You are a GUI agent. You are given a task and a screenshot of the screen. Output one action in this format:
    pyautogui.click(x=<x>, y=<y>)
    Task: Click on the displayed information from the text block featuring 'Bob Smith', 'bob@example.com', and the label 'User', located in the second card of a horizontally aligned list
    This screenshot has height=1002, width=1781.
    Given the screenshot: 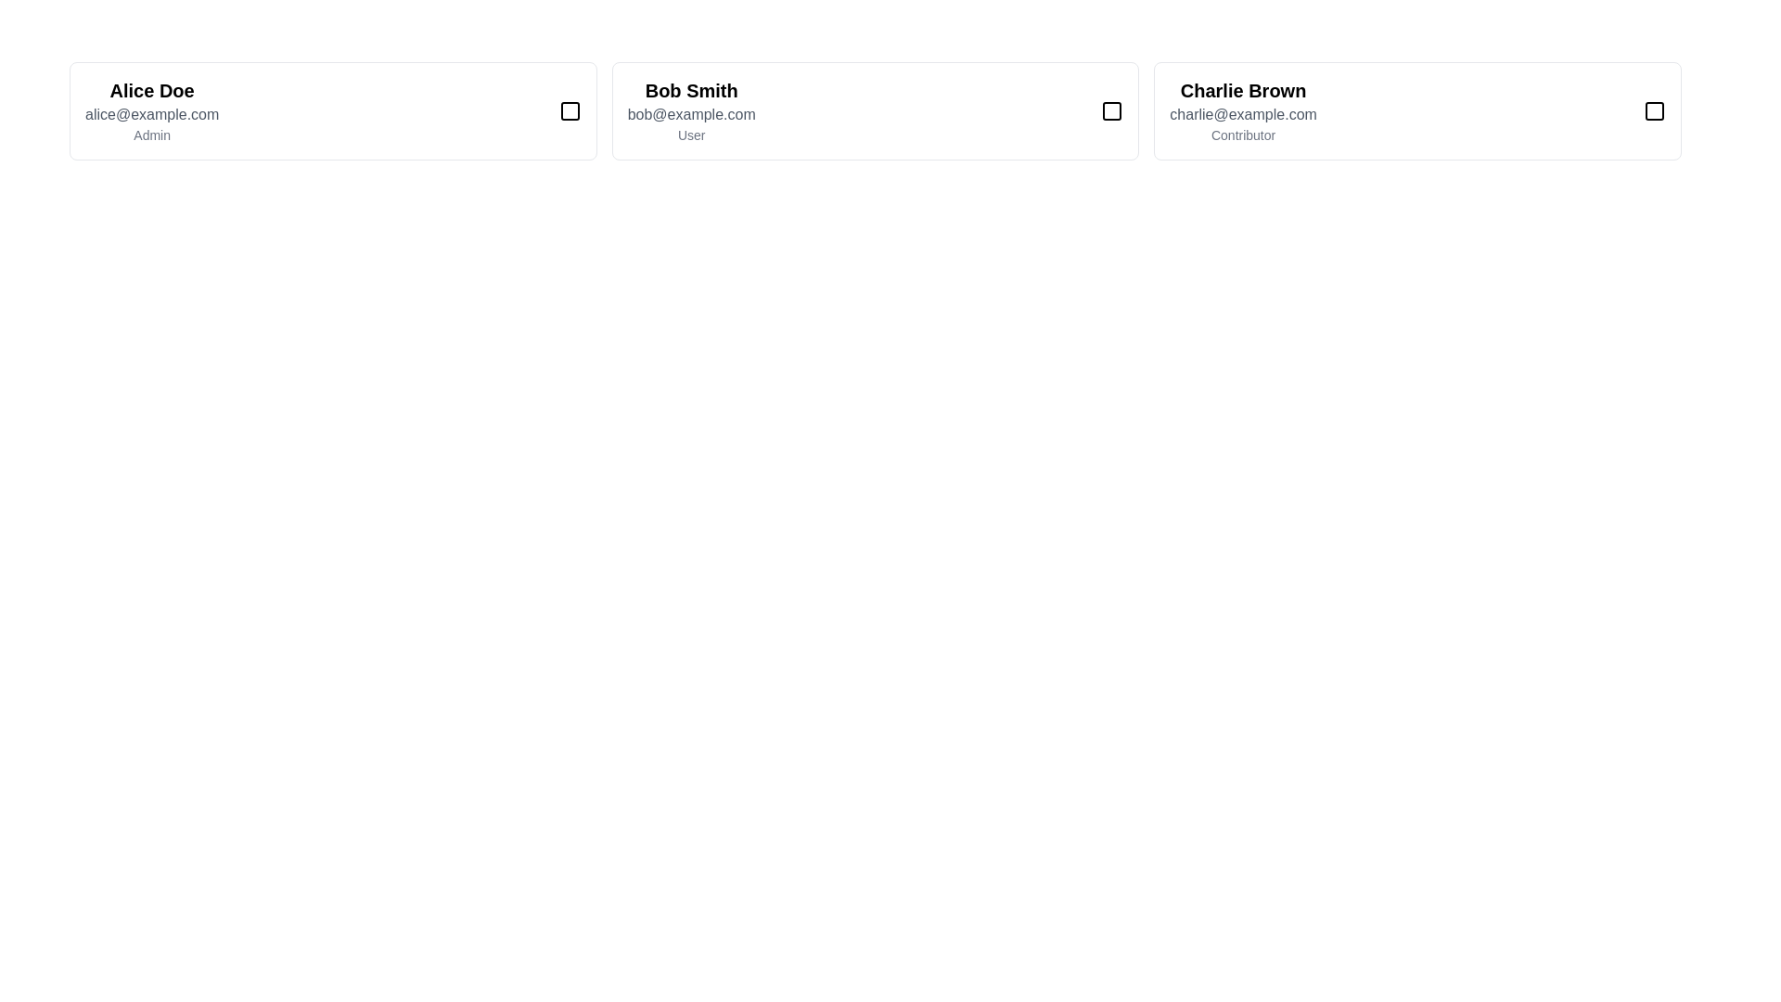 What is the action you would take?
    pyautogui.click(x=690, y=110)
    